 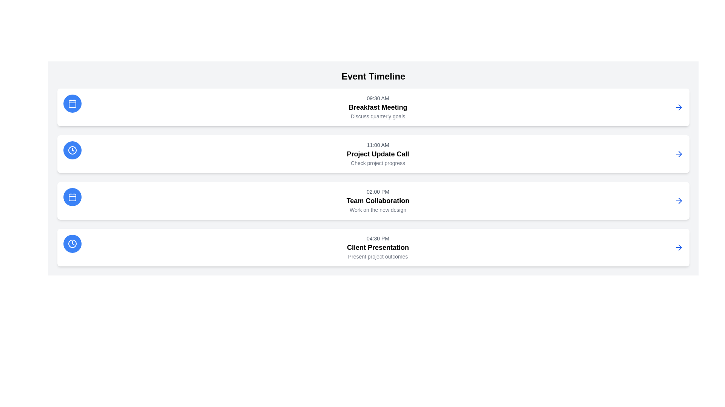 What do you see at coordinates (680, 107) in the screenshot?
I see `the Arrow icon located on the extreme right of the first row of interactive event items` at bounding box center [680, 107].